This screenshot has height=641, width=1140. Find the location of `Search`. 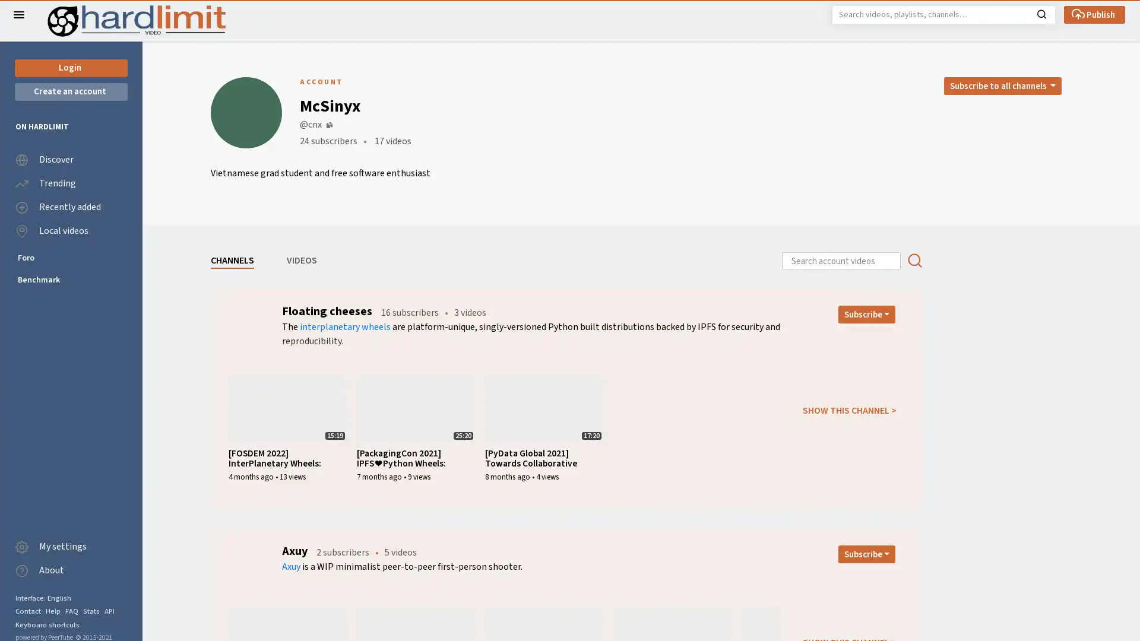

Search is located at coordinates (1041, 13).